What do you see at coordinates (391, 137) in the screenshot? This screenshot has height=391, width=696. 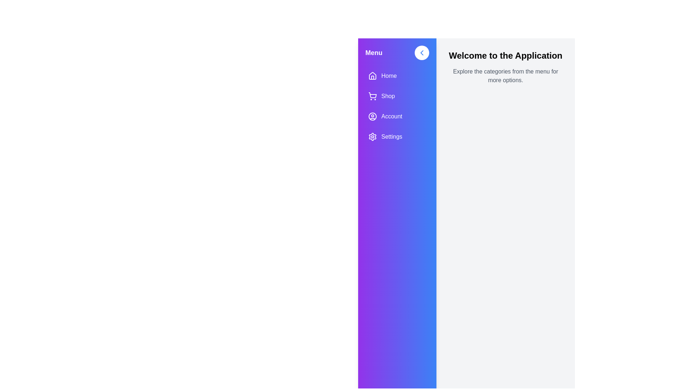 I see `the 'Settings' text label in the vertical navigation bar, which is the last option below 'Account' and is aligned with a gear icon` at bounding box center [391, 137].